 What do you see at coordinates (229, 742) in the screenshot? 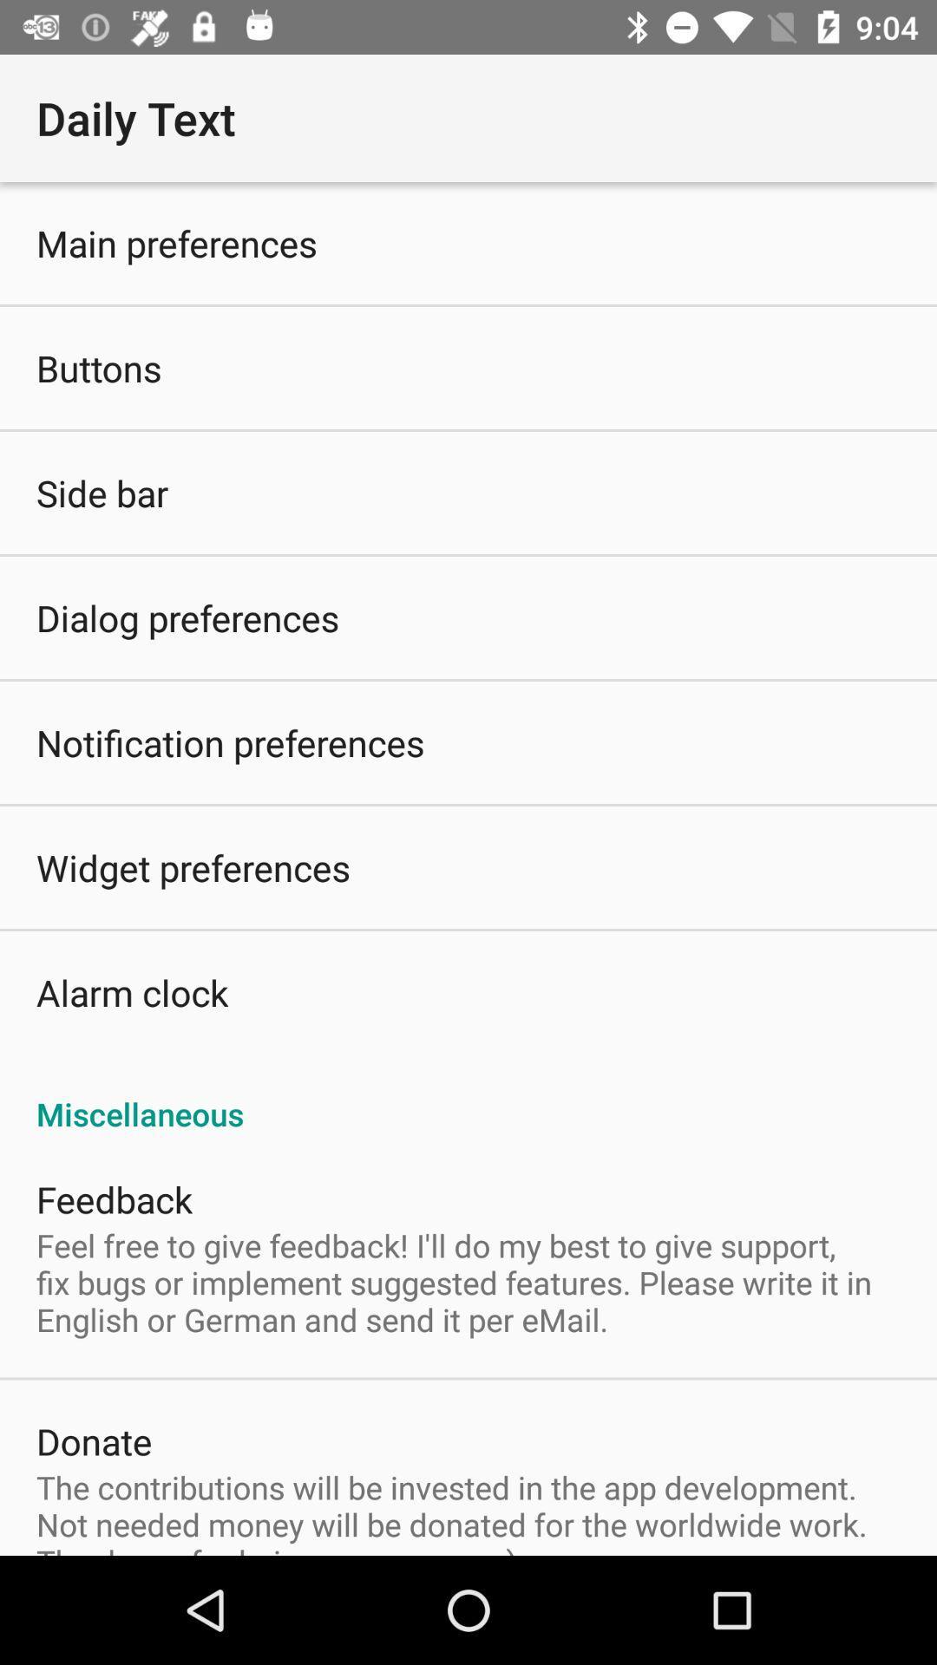
I see `the item below dialog preferences icon` at bounding box center [229, 742].